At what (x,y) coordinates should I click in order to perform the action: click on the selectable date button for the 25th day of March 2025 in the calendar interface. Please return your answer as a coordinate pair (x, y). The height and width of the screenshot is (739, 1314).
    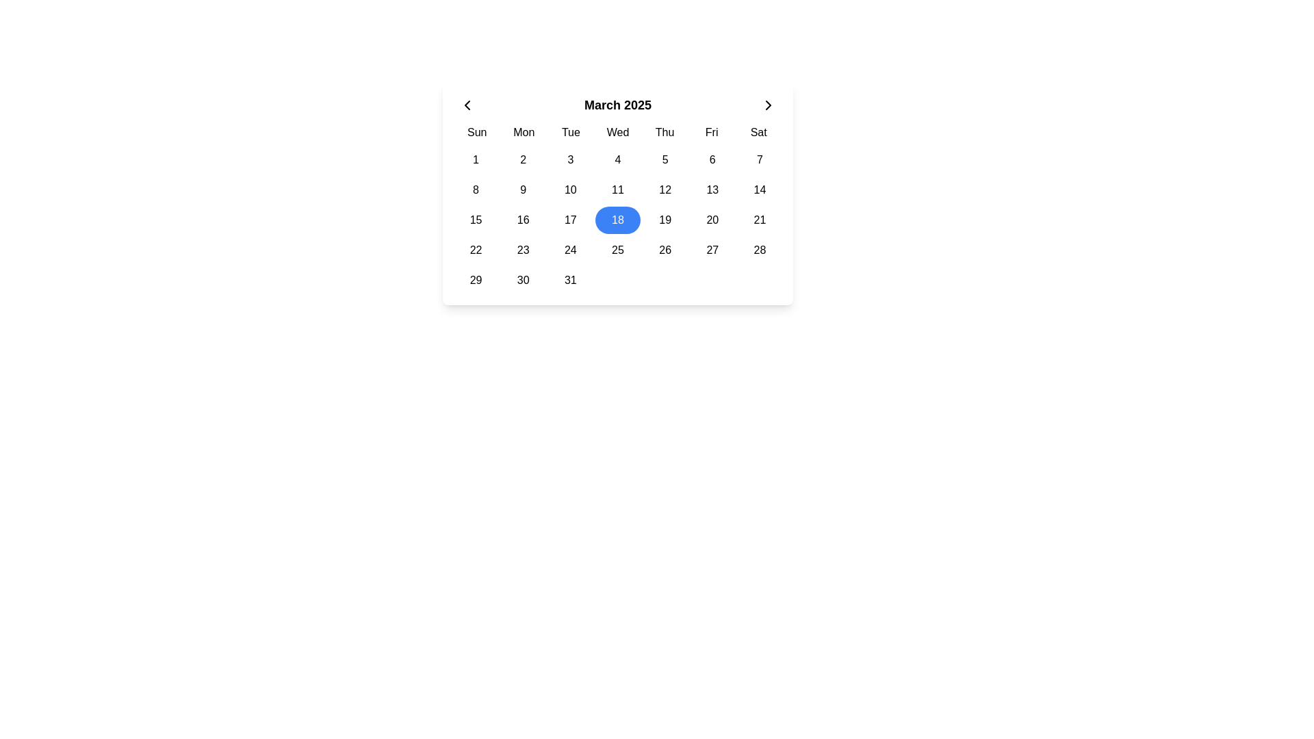
    Looking at the image, I should click on (617, 250).